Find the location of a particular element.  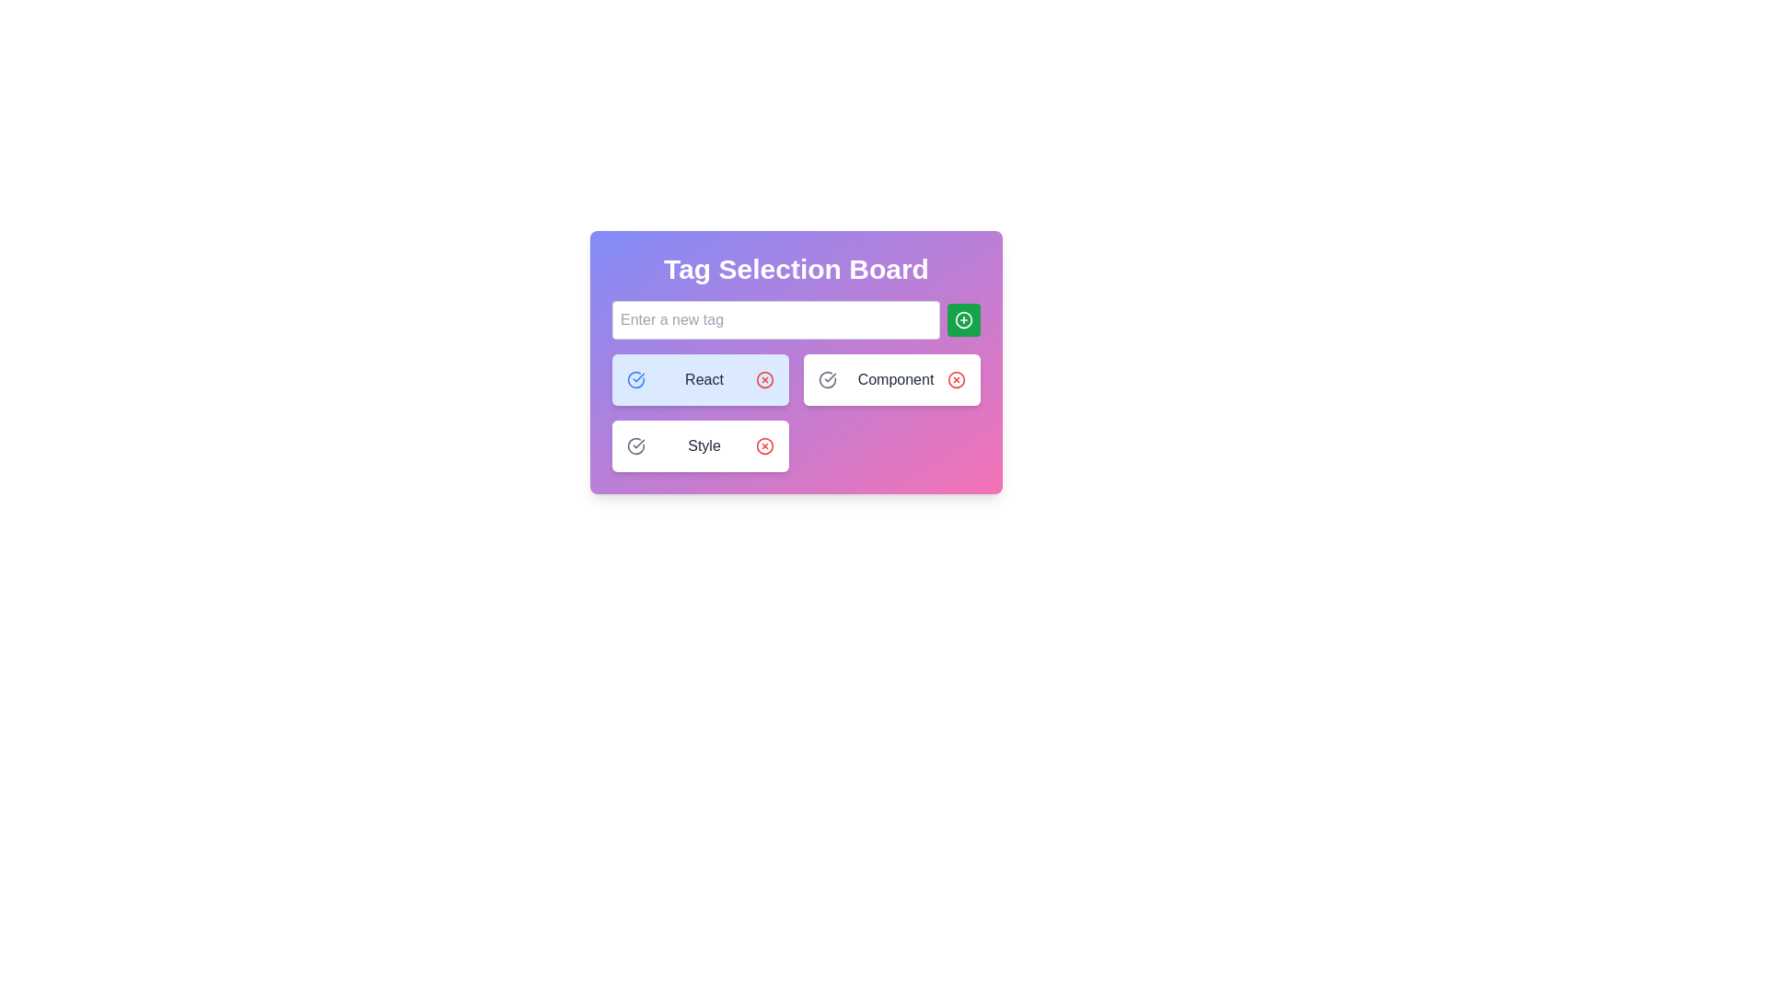

the first Selectable tag button labeled 'React' with a light blue background and a blue checkmark icon is located at coordinates (700, 378).